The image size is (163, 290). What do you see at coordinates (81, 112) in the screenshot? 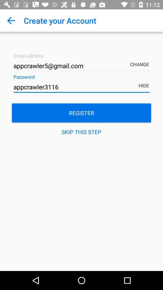
I see `register` at bounding box center [81, 112].